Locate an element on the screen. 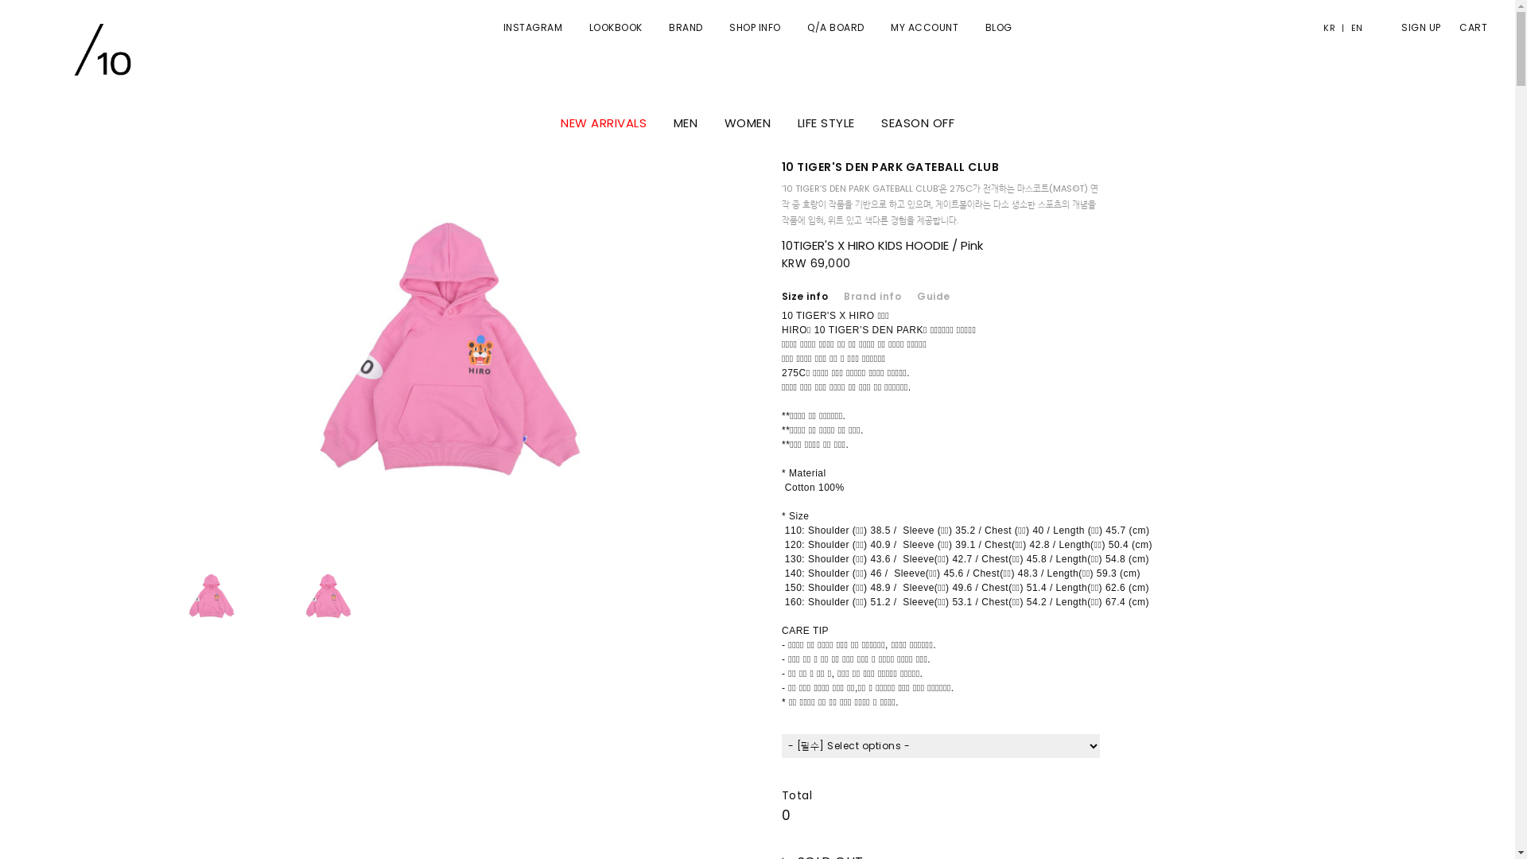 This screenshot has width=1527, height=859. 'LIFE STYLE' is located at coordinates (825, 122).